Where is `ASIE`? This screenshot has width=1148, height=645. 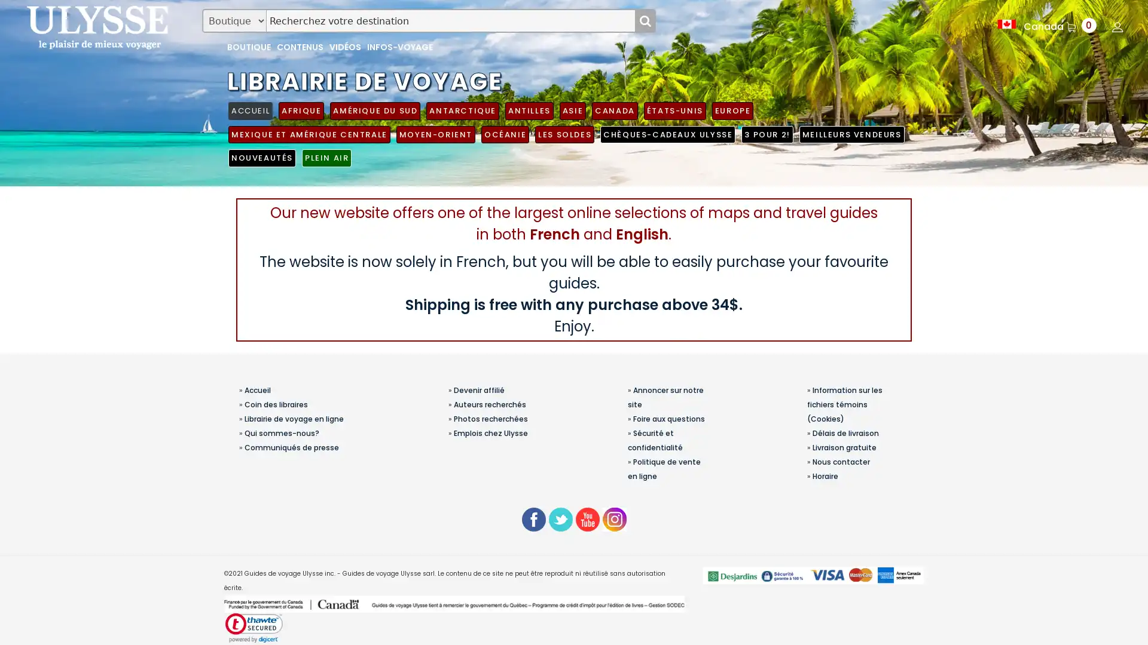 ASIE is located at coordinates (572, 110).